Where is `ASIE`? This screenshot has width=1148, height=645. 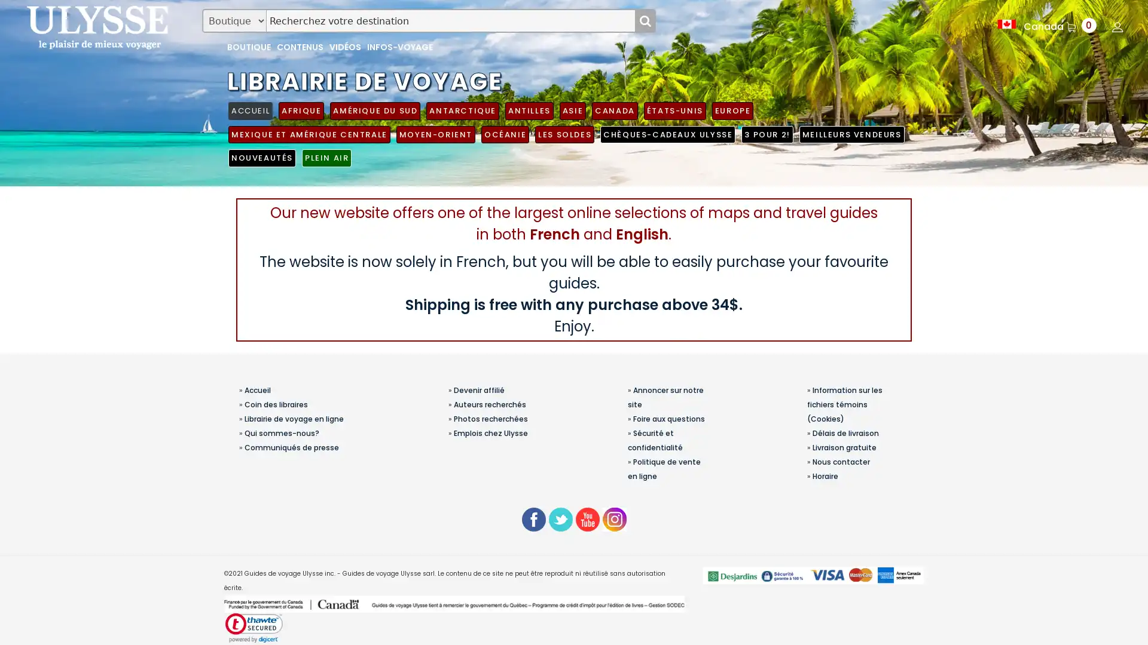 ASIE is located at coordinates (572, 110).